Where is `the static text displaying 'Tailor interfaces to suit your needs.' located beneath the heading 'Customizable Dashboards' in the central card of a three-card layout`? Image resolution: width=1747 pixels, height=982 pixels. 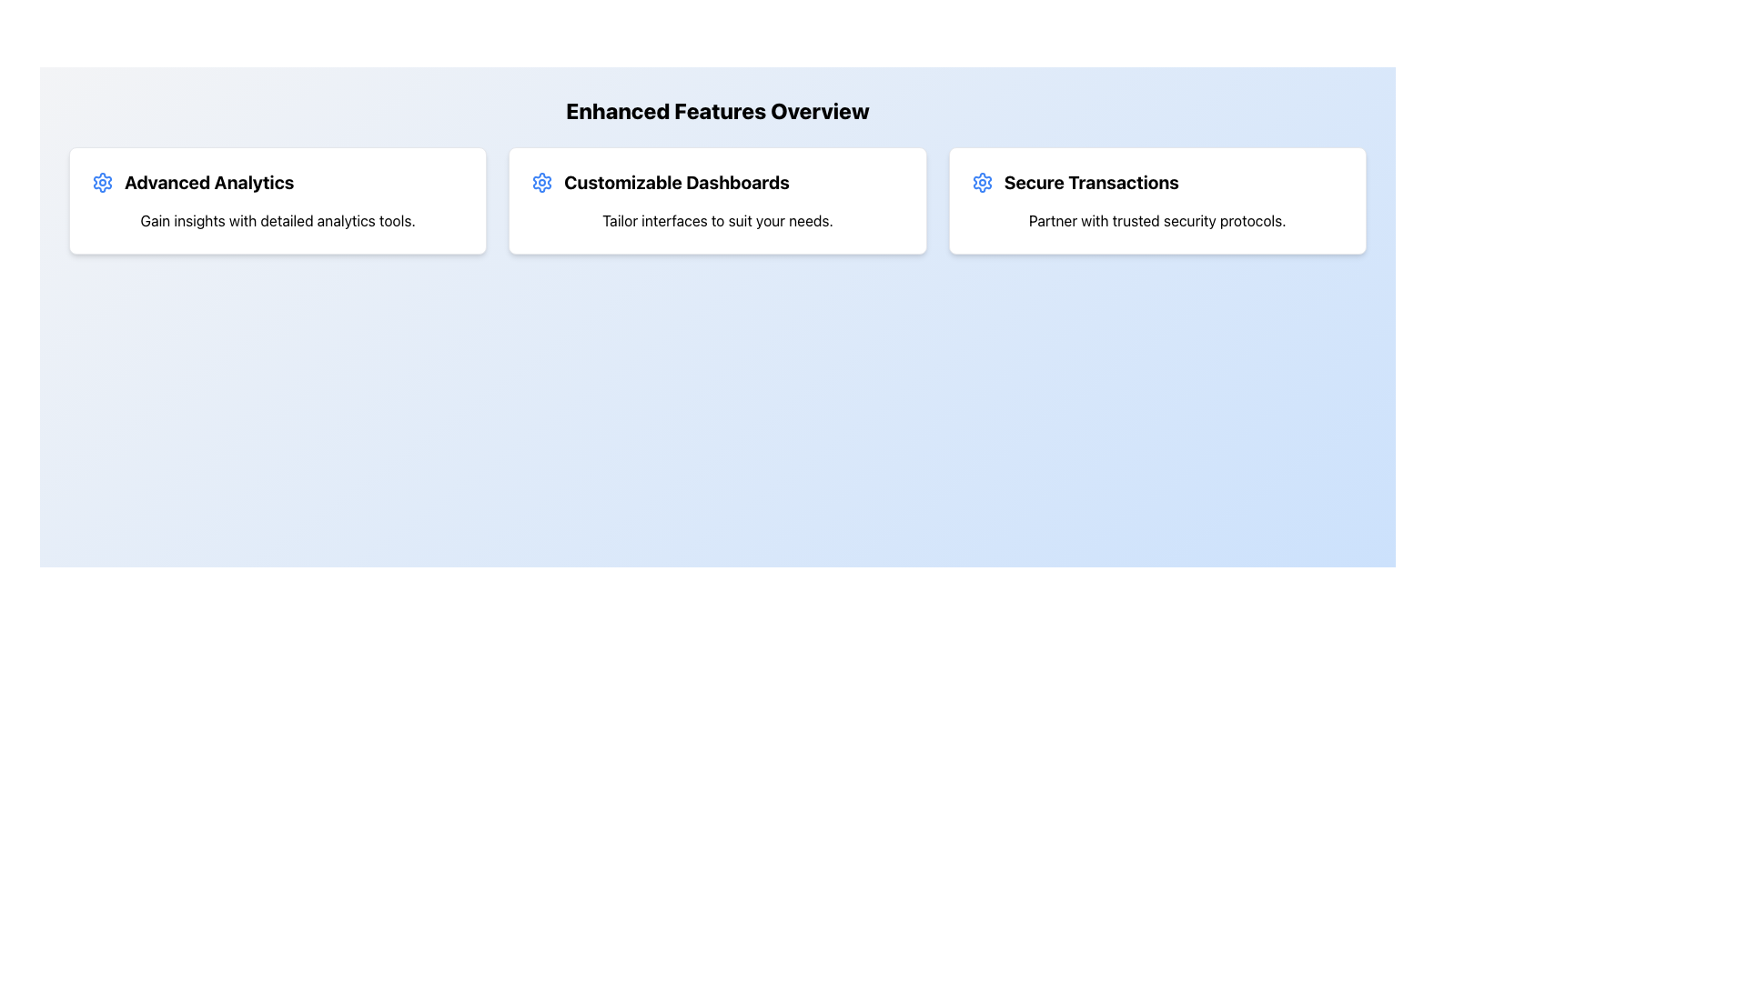 the static text displaying 'Tailor interfaces to suit your needs.' located beneath the heading 'Customizable Dashboards' in the central card of a three-card layout is located at coordinates (716, 220).